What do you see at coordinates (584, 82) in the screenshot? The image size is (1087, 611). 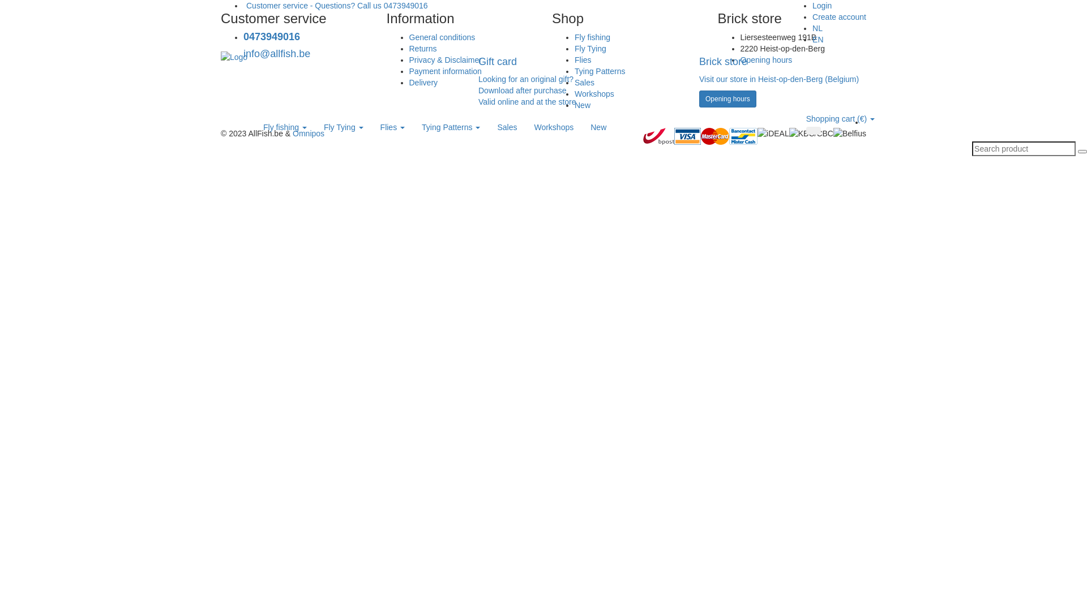 I see `'Sales'` at bounding box center [584, 82].